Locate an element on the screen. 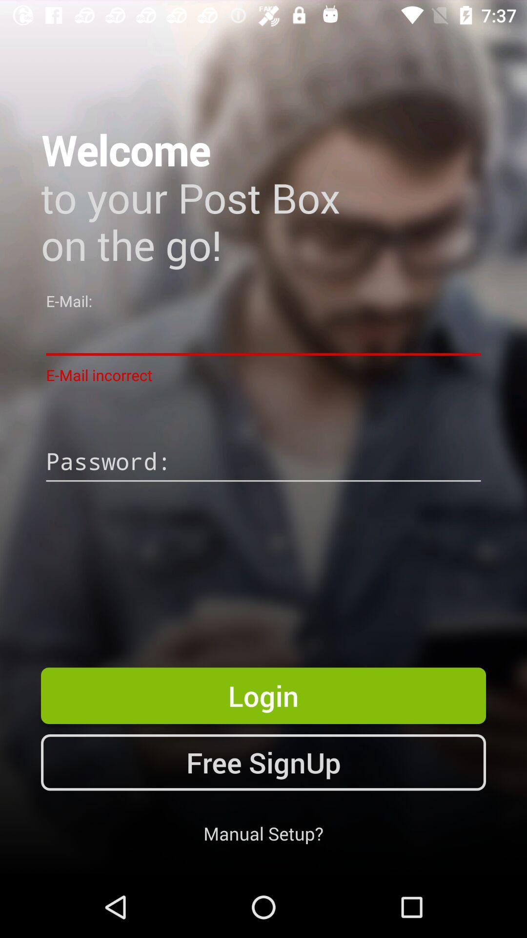 This screenshot has height=938, width=527. manual setup? is located at coordinates (263, 833).